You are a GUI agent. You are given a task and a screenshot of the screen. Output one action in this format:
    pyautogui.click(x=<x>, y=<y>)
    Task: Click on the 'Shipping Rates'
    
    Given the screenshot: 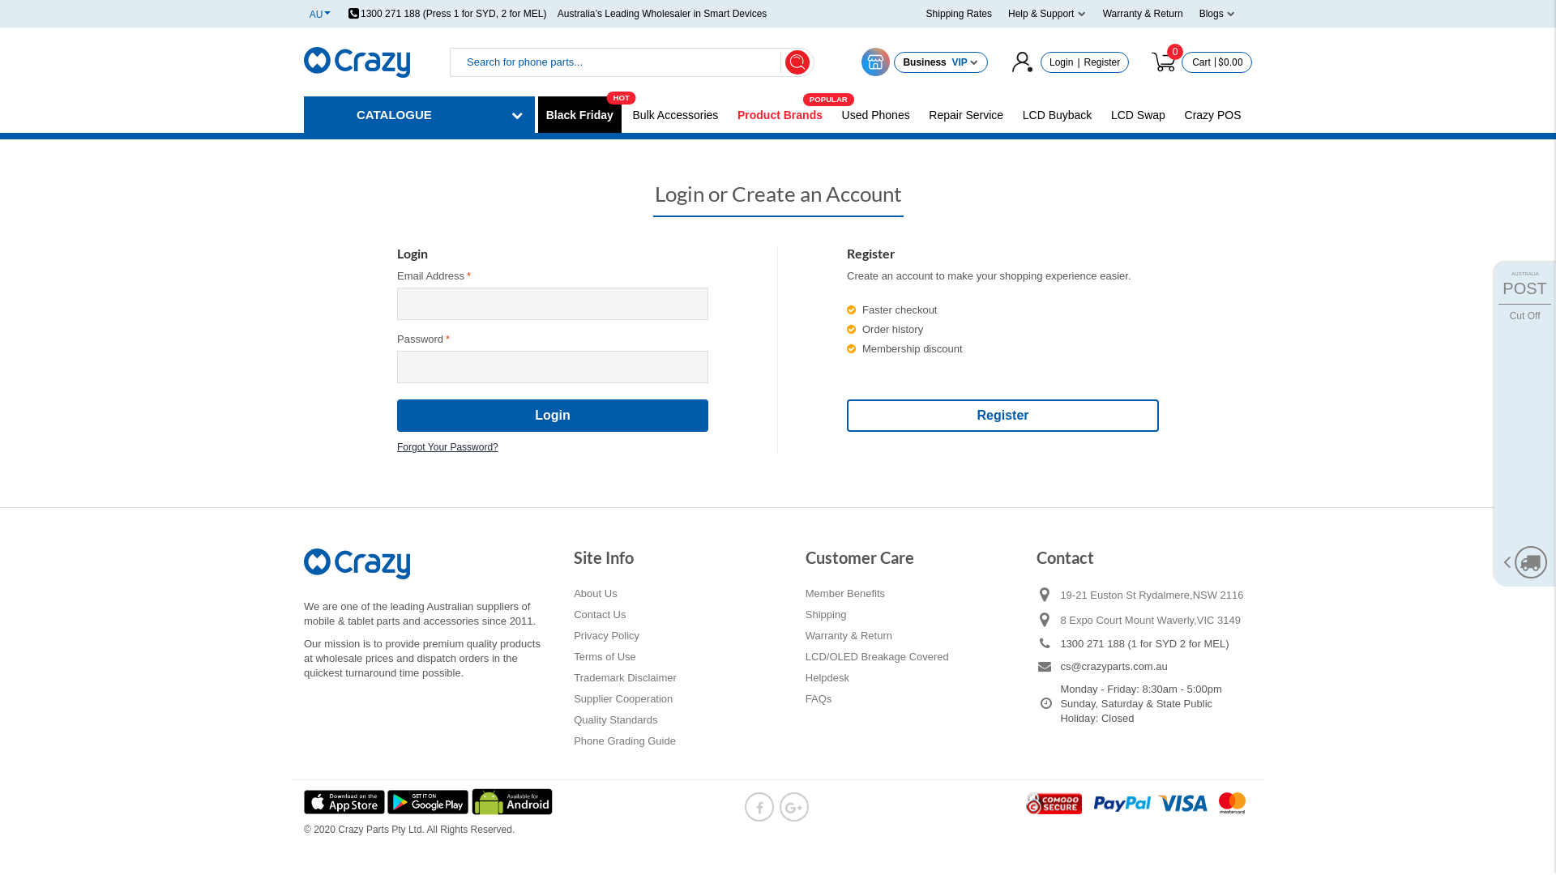 What is the action you would take?
    pyautogui.click(x=959, y=13)
    